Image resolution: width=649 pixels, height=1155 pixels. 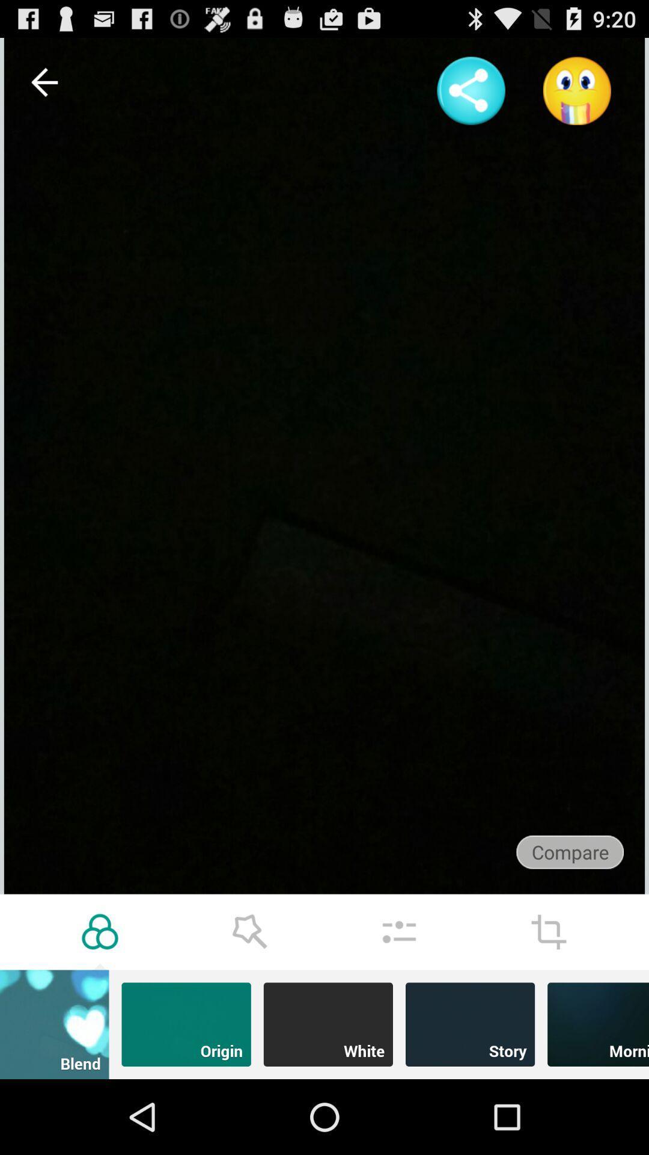 I want to click on apply filter, so click(x=99, y=931).